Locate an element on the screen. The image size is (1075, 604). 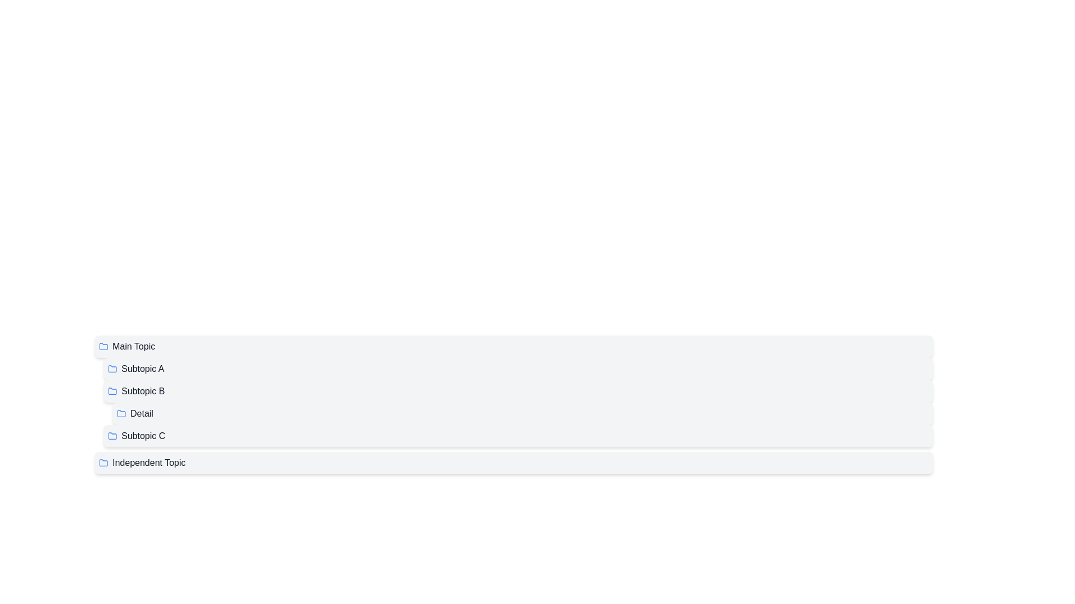
the folder icon that precedes the text label 'Subtopic B', which is the second item in the vertical list under 'Main Topic' is located at coordinates (113, 390).